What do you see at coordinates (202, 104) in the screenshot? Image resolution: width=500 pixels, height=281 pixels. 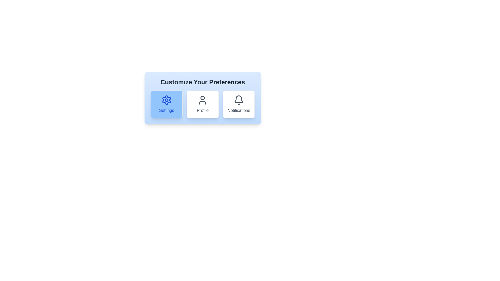 I see `the 'Profile' button, which is a stylized UI component with a user icon and the text 'Profile', located in the middle of a row under 'Customize Your Preferences'` at bounding box center [202, 104].